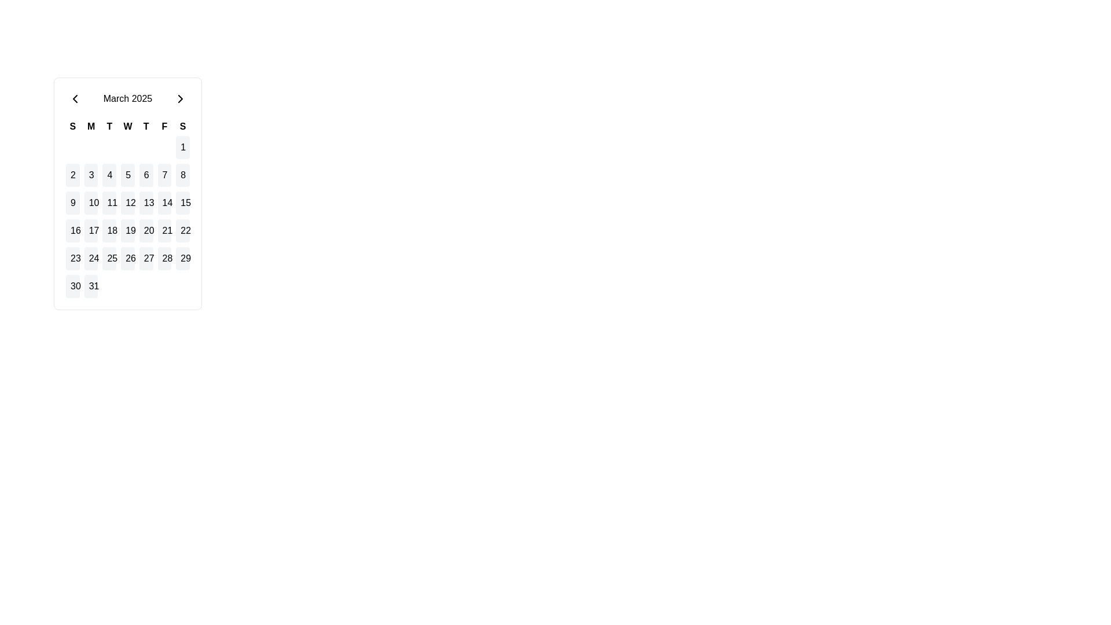 This screenshot has width=1111, height=625. I want to click on the button representing the 24th day of the month in the calendar interface, so click(90, 258).